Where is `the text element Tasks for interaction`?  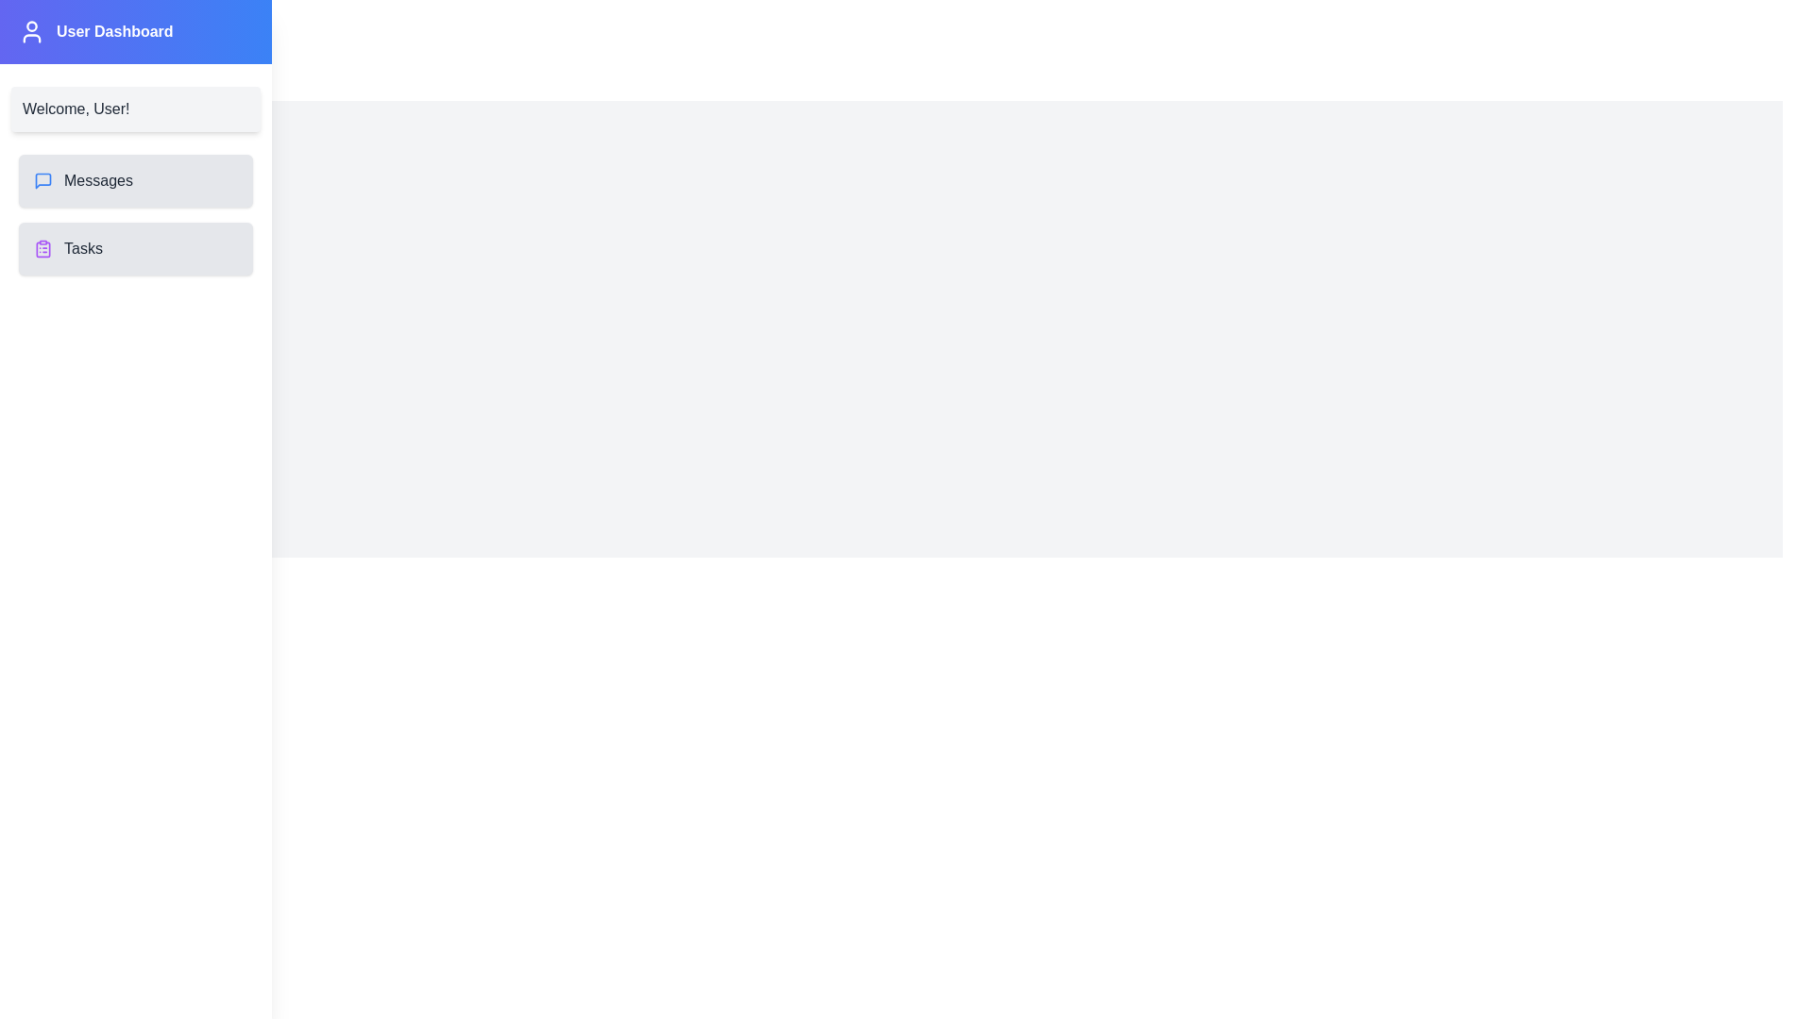 the text element Tasks for interaction is located at coordinates (82, 247).